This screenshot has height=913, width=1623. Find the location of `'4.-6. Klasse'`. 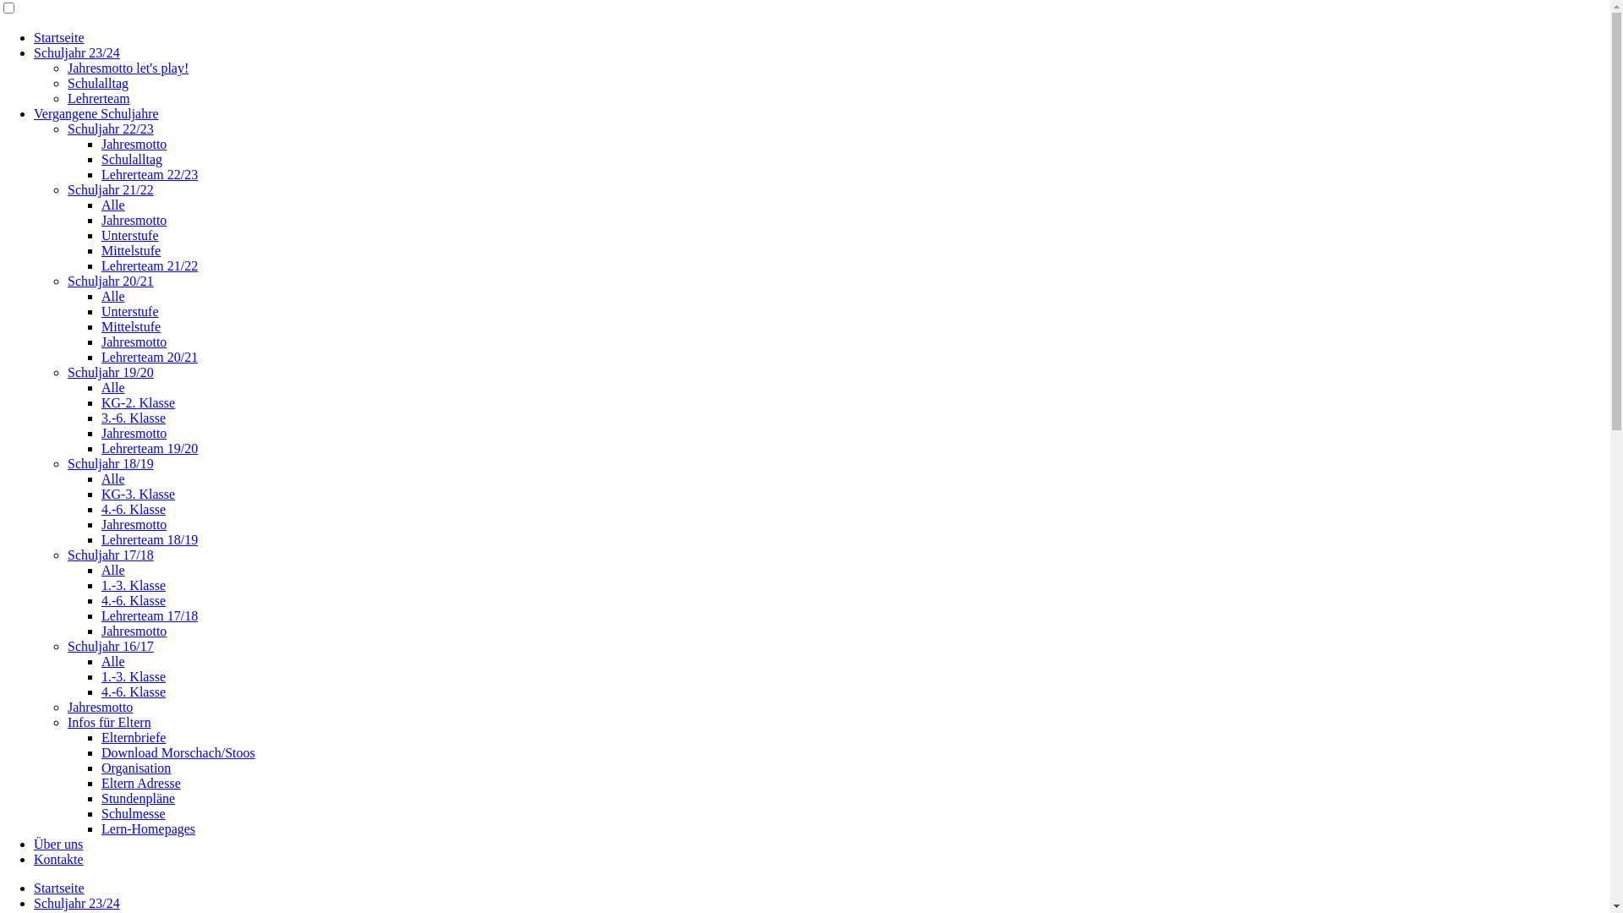

'4.-6. Klasse' is located at coordinates (101, 599).